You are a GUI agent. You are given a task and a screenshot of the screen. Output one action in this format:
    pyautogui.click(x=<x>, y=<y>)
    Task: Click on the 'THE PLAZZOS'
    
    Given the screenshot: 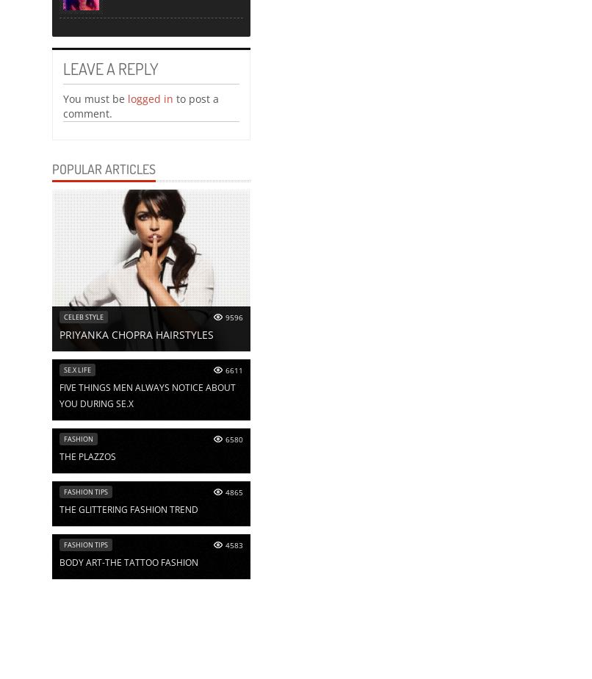 What is the action you would take?
    pyautogui.click(x=59, y=456)
    